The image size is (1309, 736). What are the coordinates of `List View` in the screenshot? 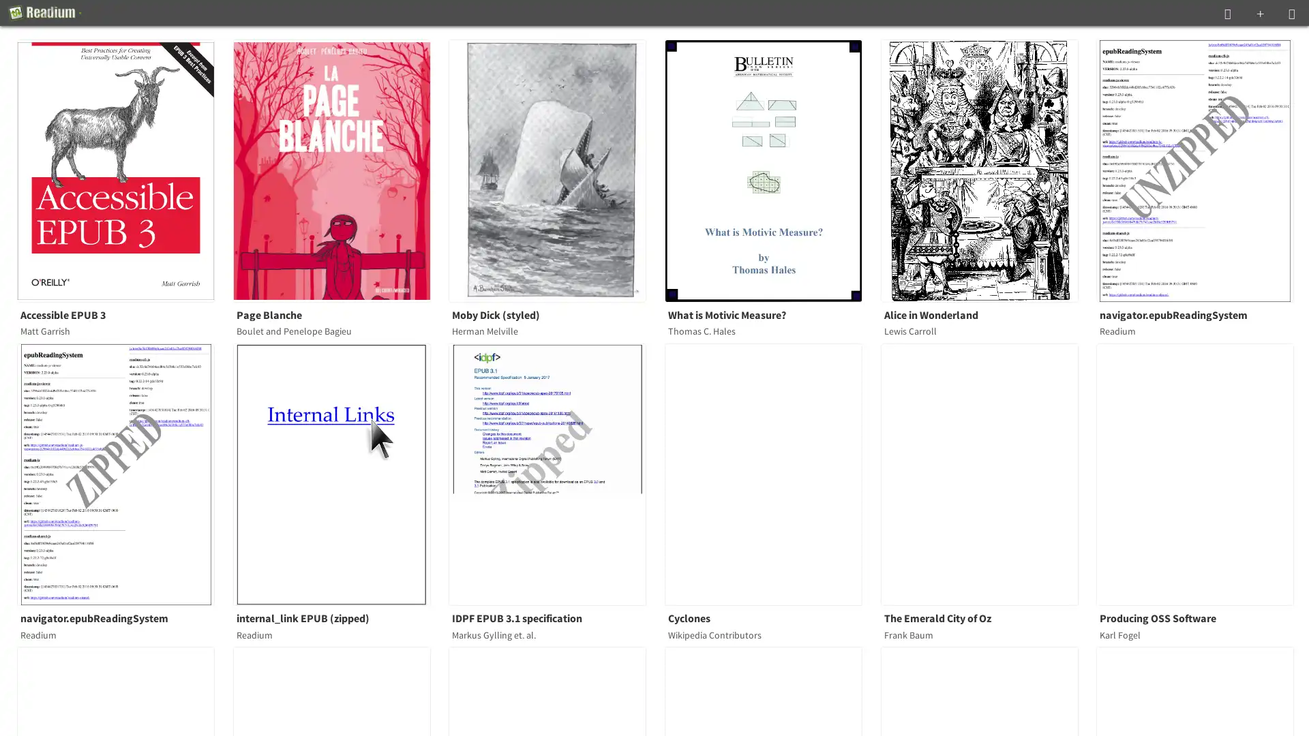 It's located at (1227, 13).